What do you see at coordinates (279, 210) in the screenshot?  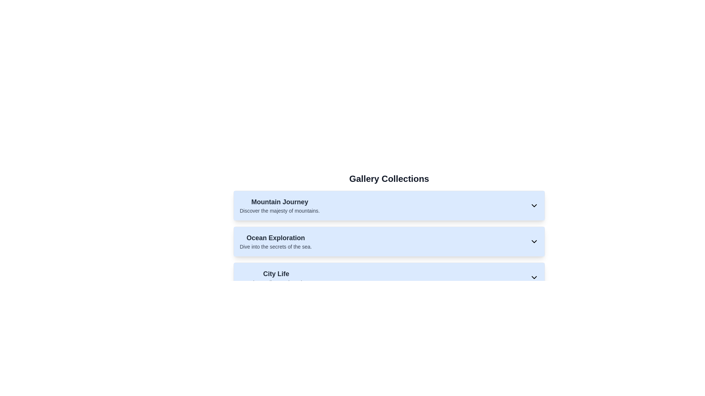 I see `the static text element that reads 'Discover the majesty of mountains.' located below the title 'Mountain Journey' on a light blue background` at bounding box center [279, 210].